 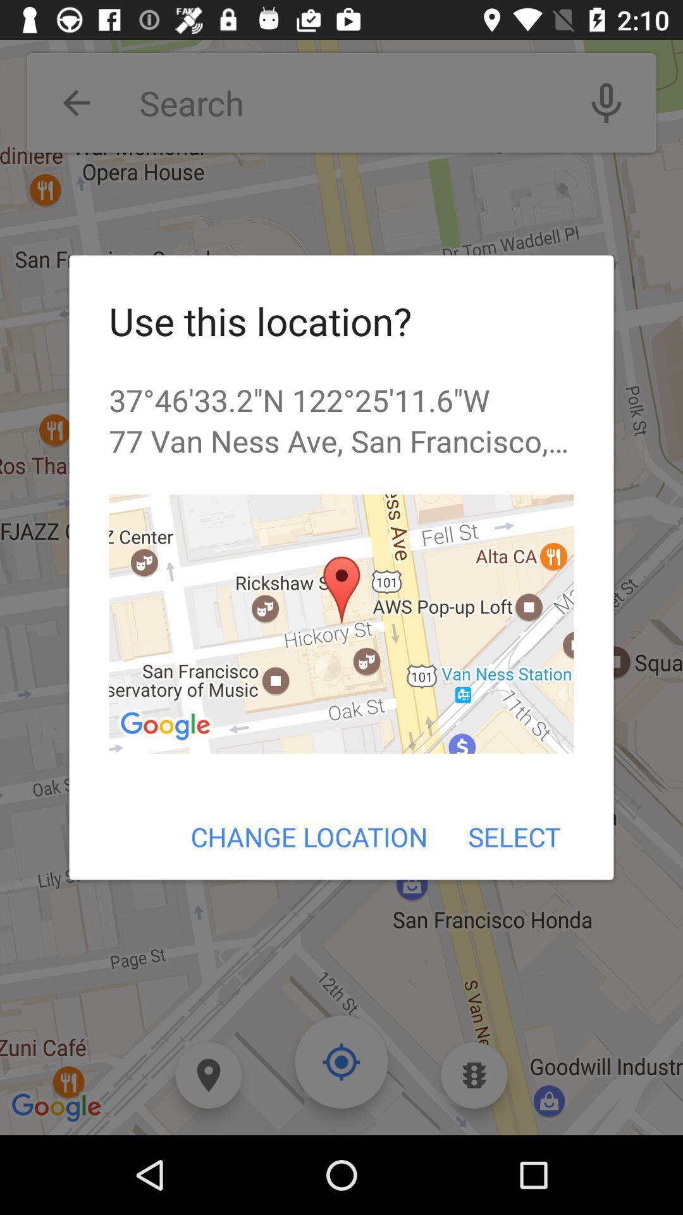 I want to click on the change location, so click(x=309, y=837).